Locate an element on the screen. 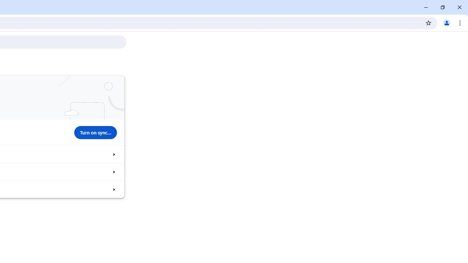 The image size is (468, 263). 'Customize your Chrome profile' is located at coordinates (113, 172).